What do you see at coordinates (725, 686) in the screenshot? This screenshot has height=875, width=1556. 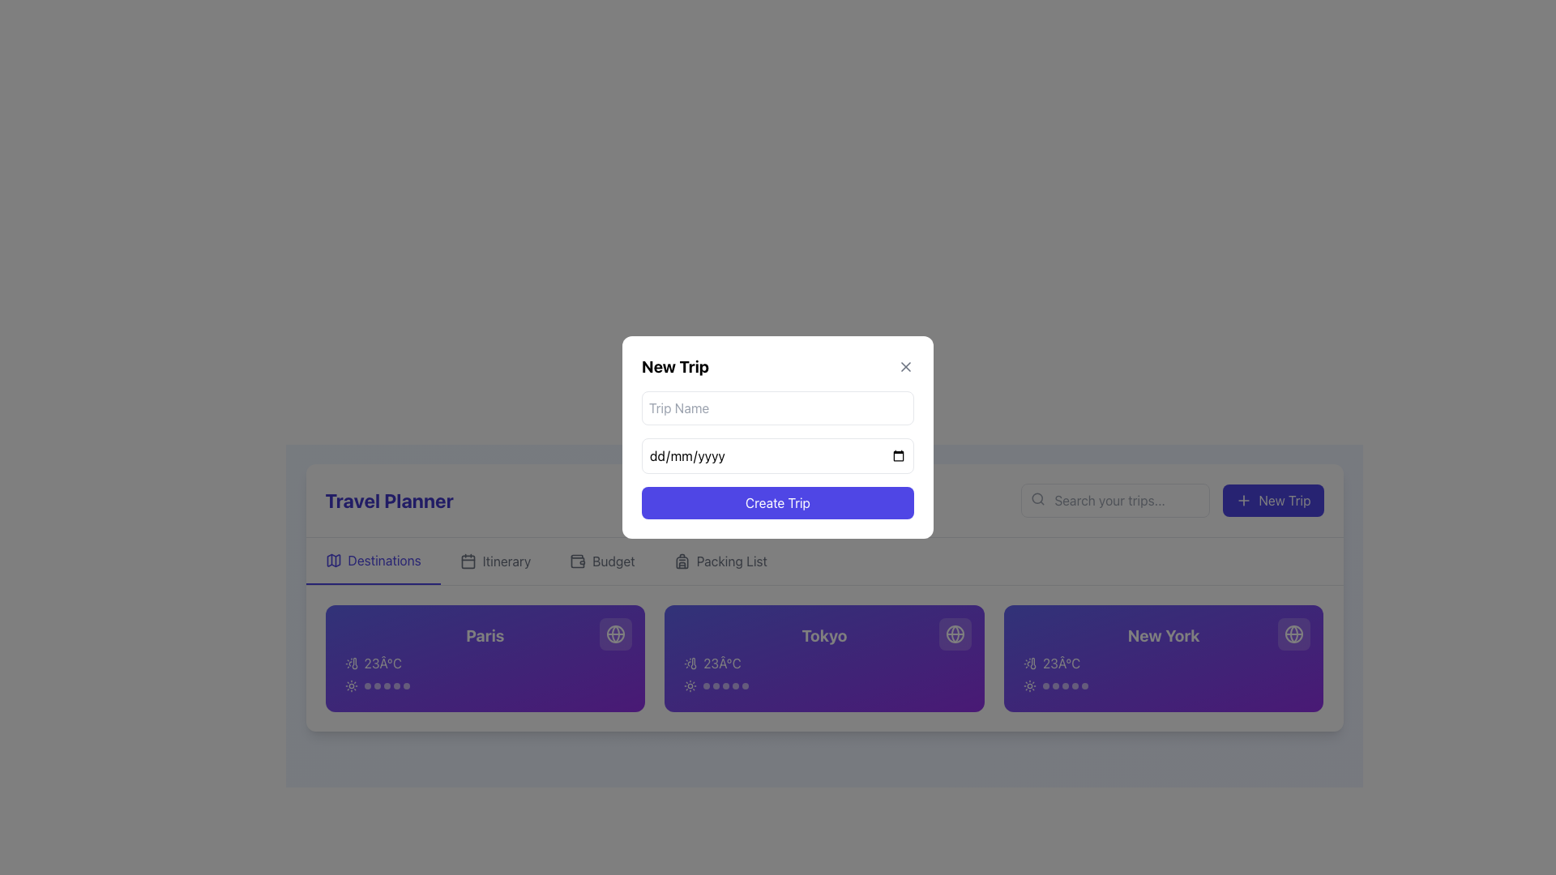 I see `the rounded indicator located in the middle of a row of five circular indicators within a flexbox layout` at bounding box center [725, 686].